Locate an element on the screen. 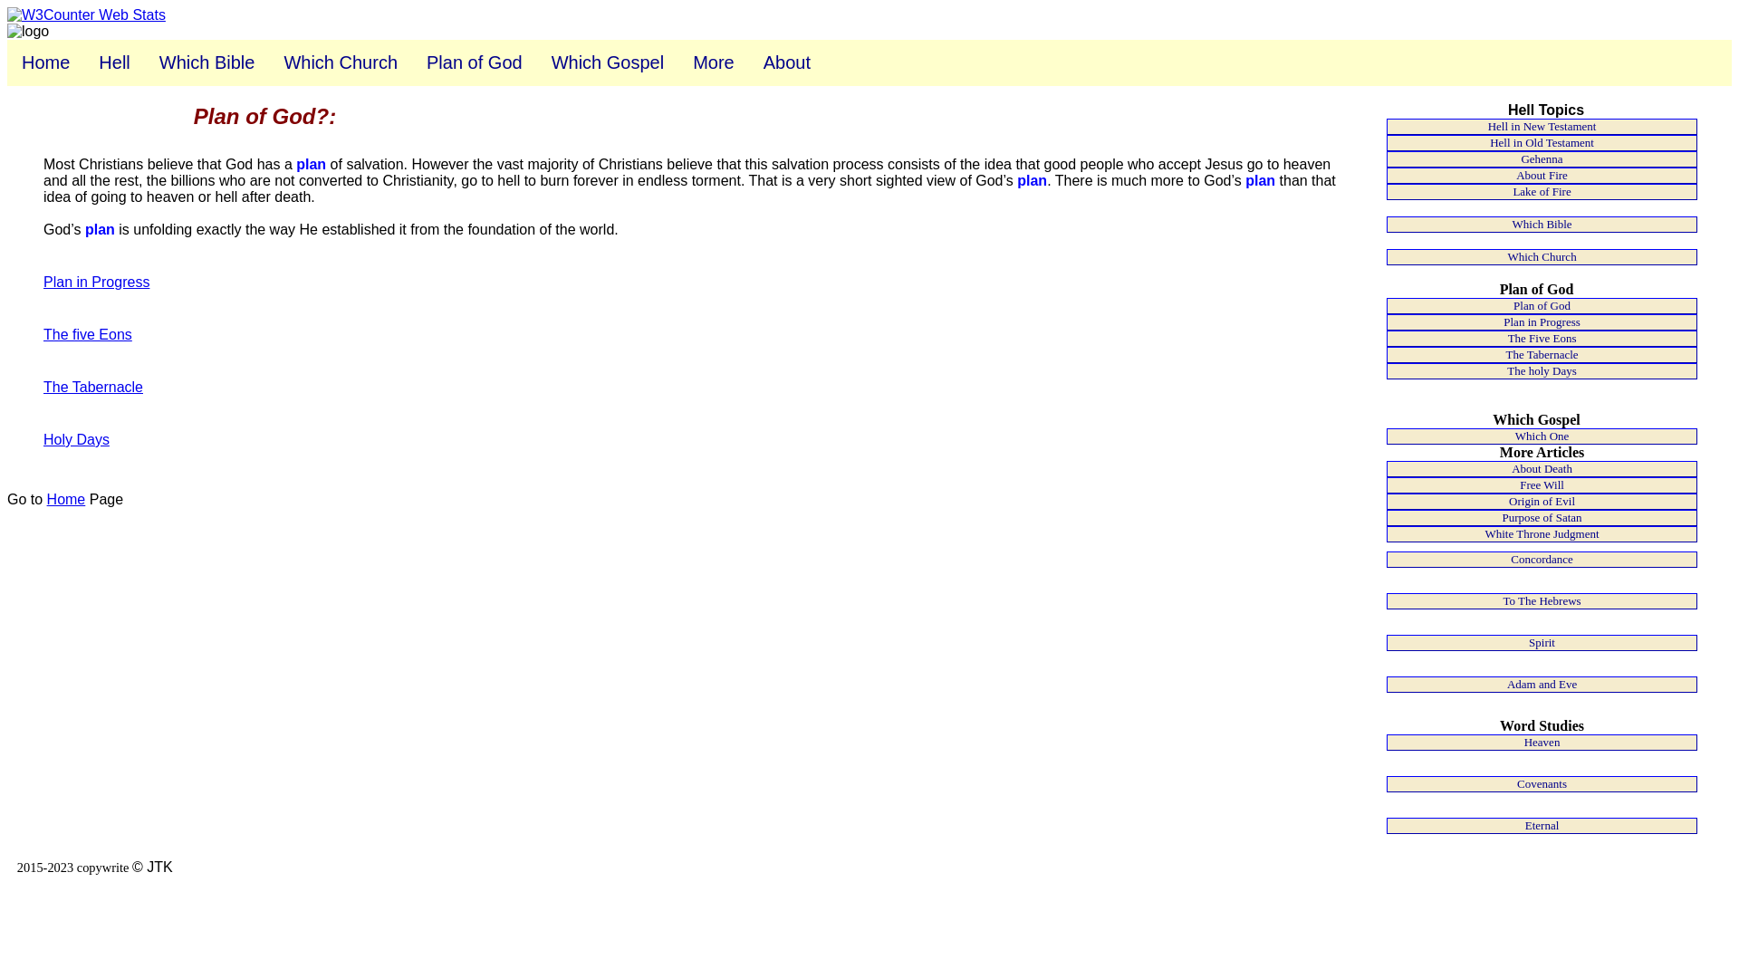 This screenshot has height=978, width=1739. 'Free Will' is located at coordinates (1541, 484).